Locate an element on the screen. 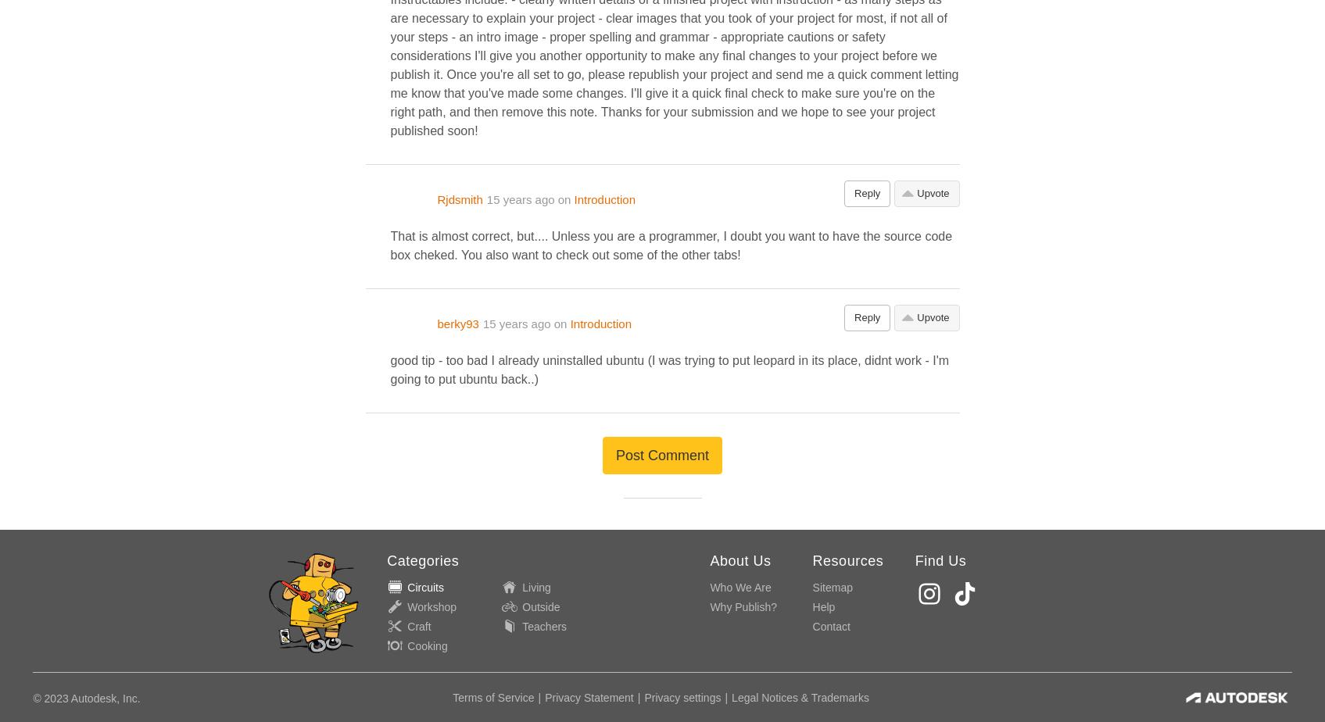  'berky93' is located at coordinates (457, 323).